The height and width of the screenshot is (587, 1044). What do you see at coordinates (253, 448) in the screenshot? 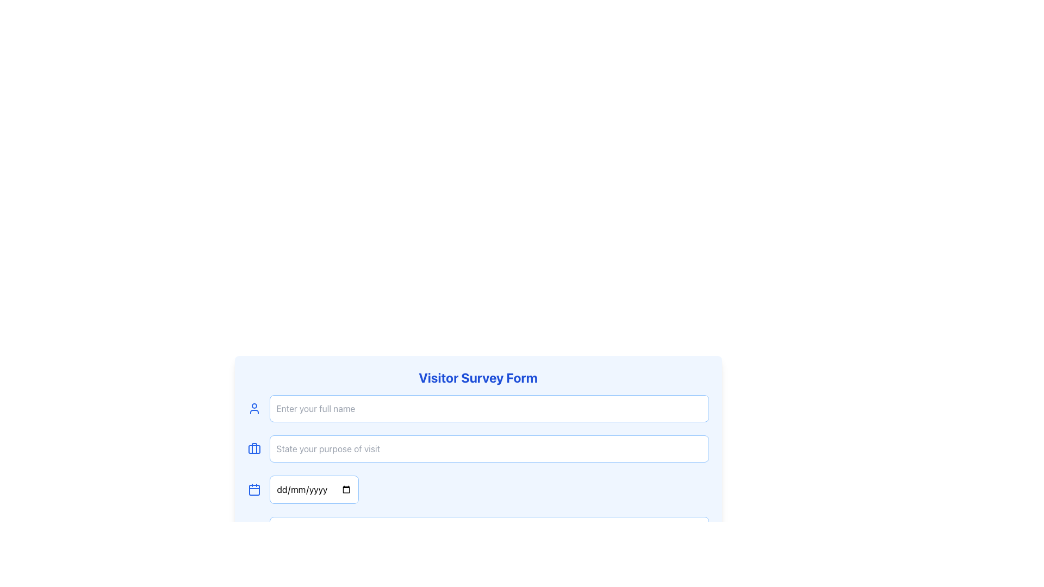
I see `the blue briefcase icon located to the left of the text input field labeled 'State your purpose of visit' in the second row of the form` at bounding box center [253, 448].